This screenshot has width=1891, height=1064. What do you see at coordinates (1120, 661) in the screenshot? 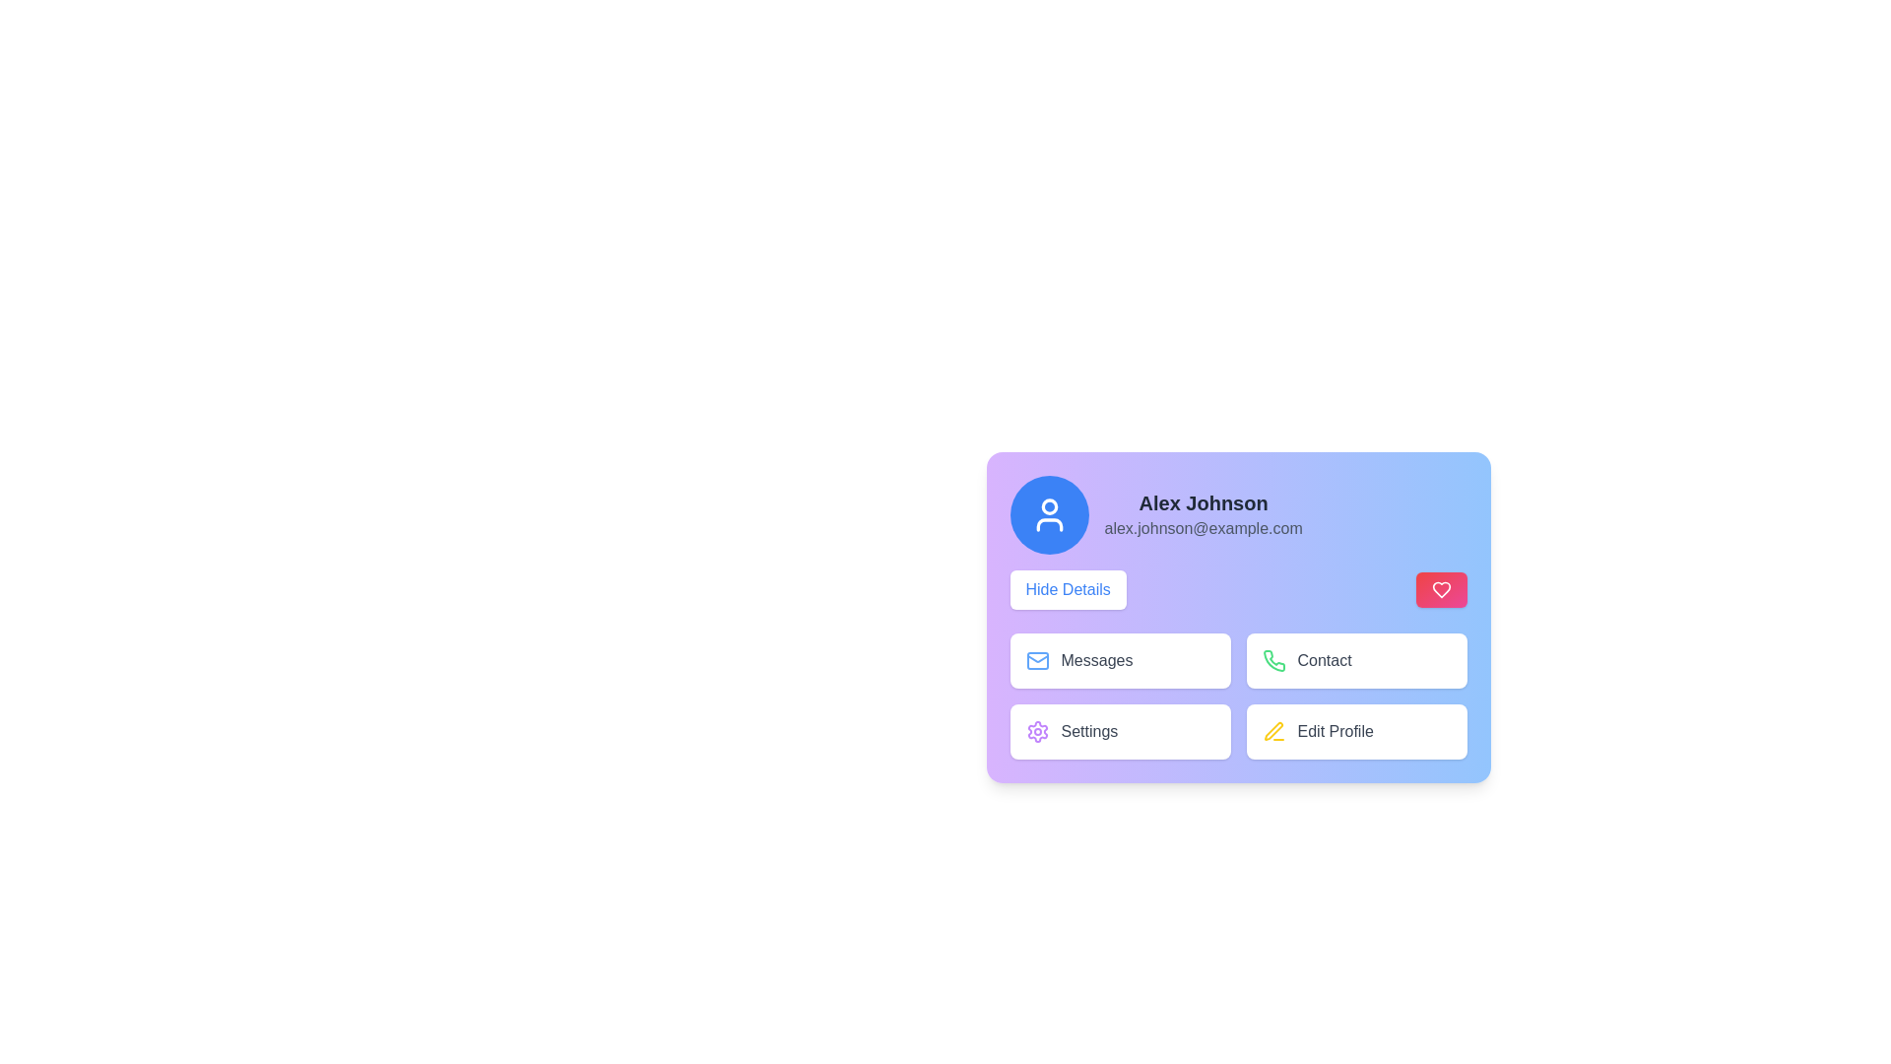
I see `the 'Messages' button, which is a rectangular button with a white background and an envelope icon on the left, located at the top-left corner of the grid layout` at bounding box center [1120, 661].